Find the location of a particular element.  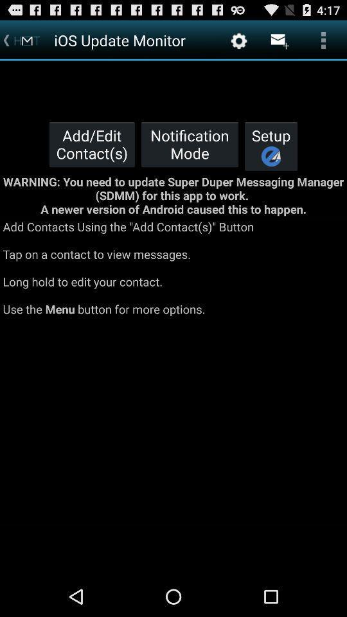

the button next to add edit contact is located at coordinates (189, 144).